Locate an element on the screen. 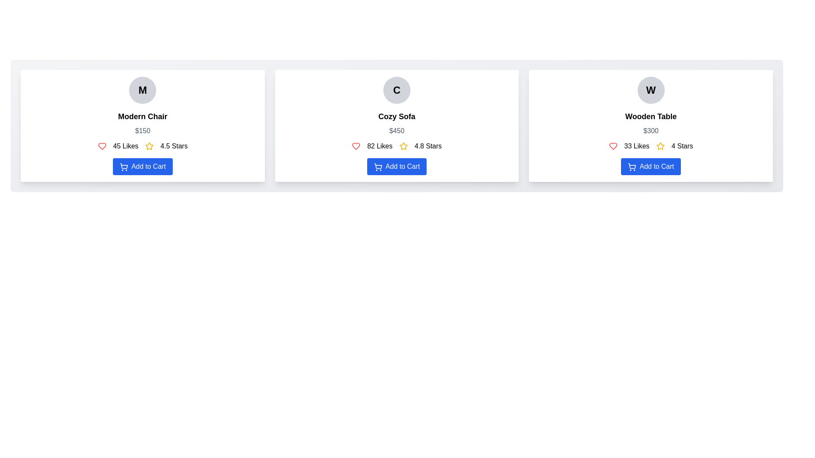 Image resolution: width=815 pixels, height=458 pixels. the outlined heart icon filled with red color, located to the left of the text '33 Likes' in the likes and ratings section of the 'Wooden Table' card is located at coordinates (613, 145).